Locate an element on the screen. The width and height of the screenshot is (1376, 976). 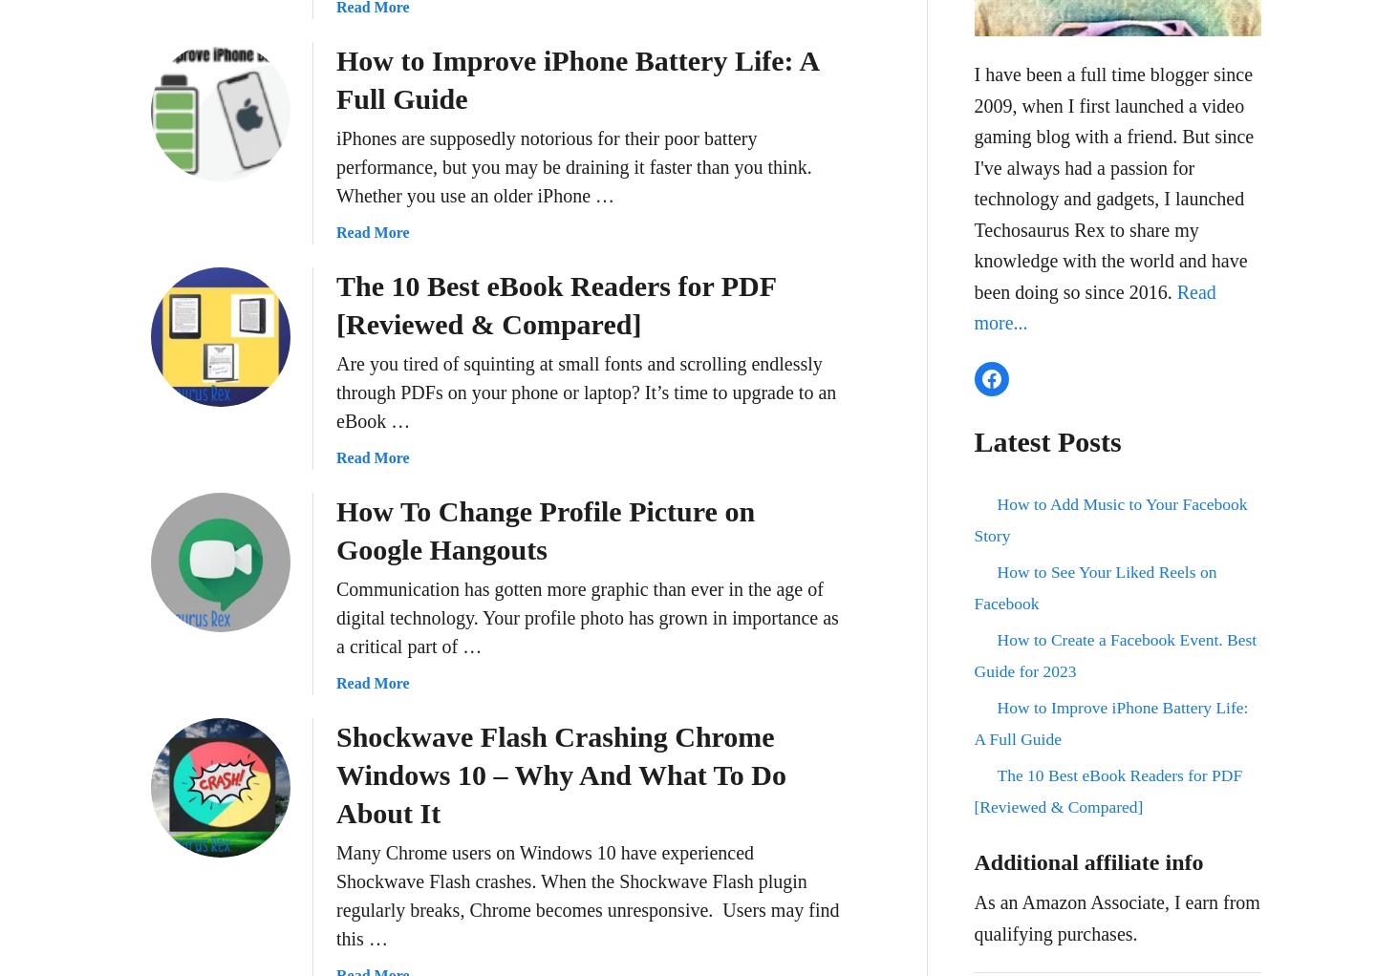
'iPhones are supposedly notorious for their poor battery performance, but you may be draining it faster than you think. Whether you use an older iPhone …' is located at coordinates (573, 165).